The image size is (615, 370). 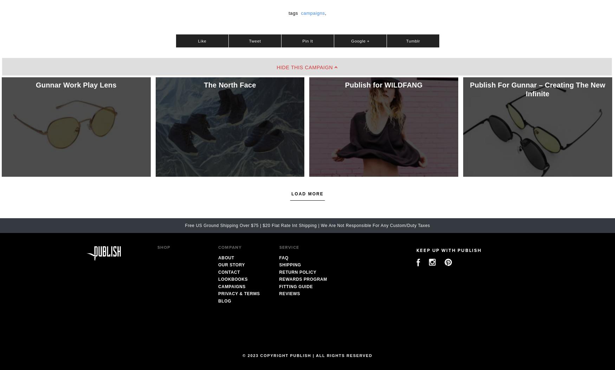 What do you see at coordinates (325, 13) in the screenshot?
I see `','` at bounding box center [325, 13].